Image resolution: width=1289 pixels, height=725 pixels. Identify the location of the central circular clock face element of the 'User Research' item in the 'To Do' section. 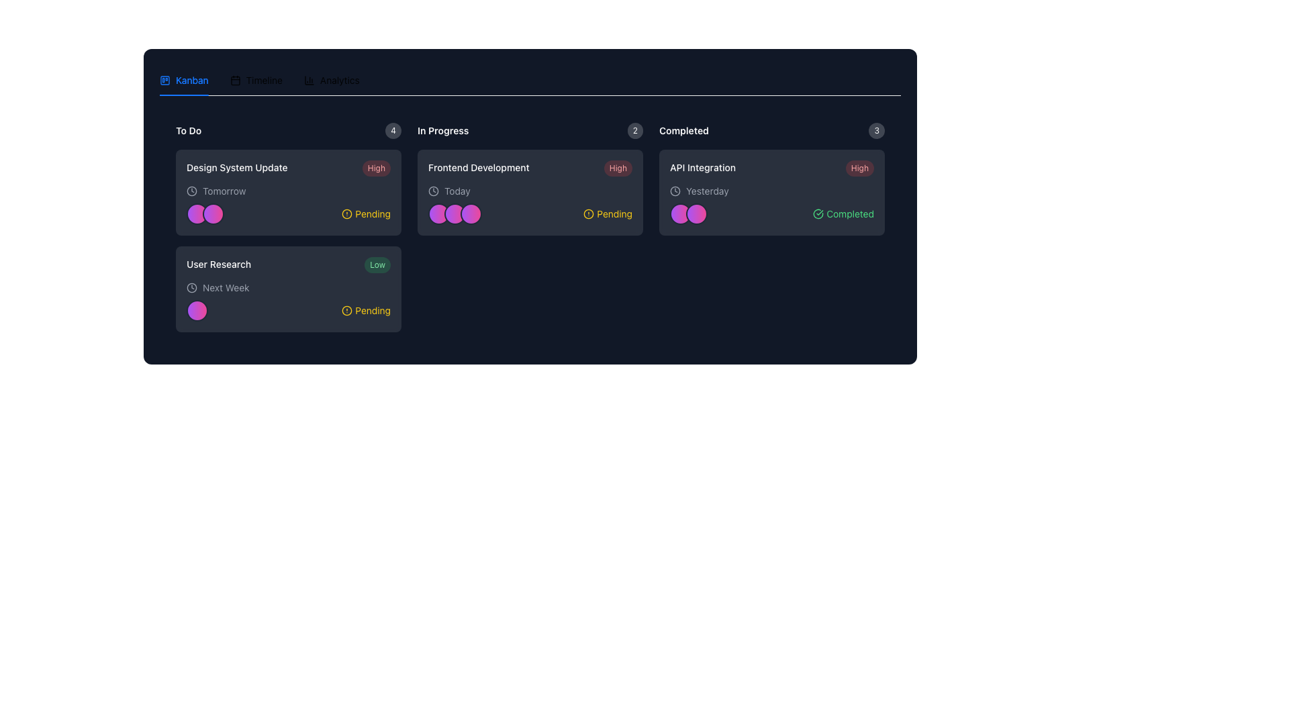
(191, 287).